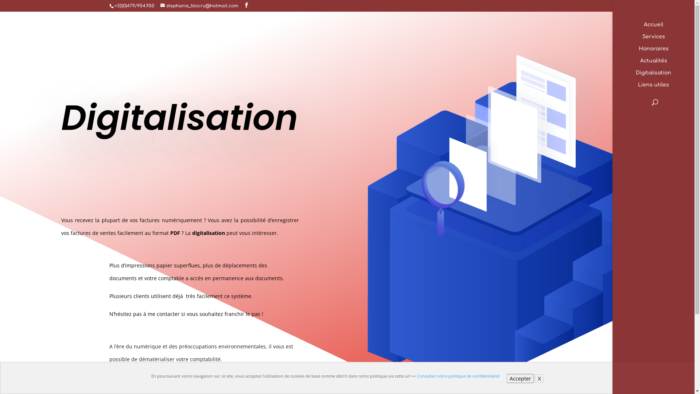 The image size is (700, 394). I want to click on 'Accepter', so click(520, 378).